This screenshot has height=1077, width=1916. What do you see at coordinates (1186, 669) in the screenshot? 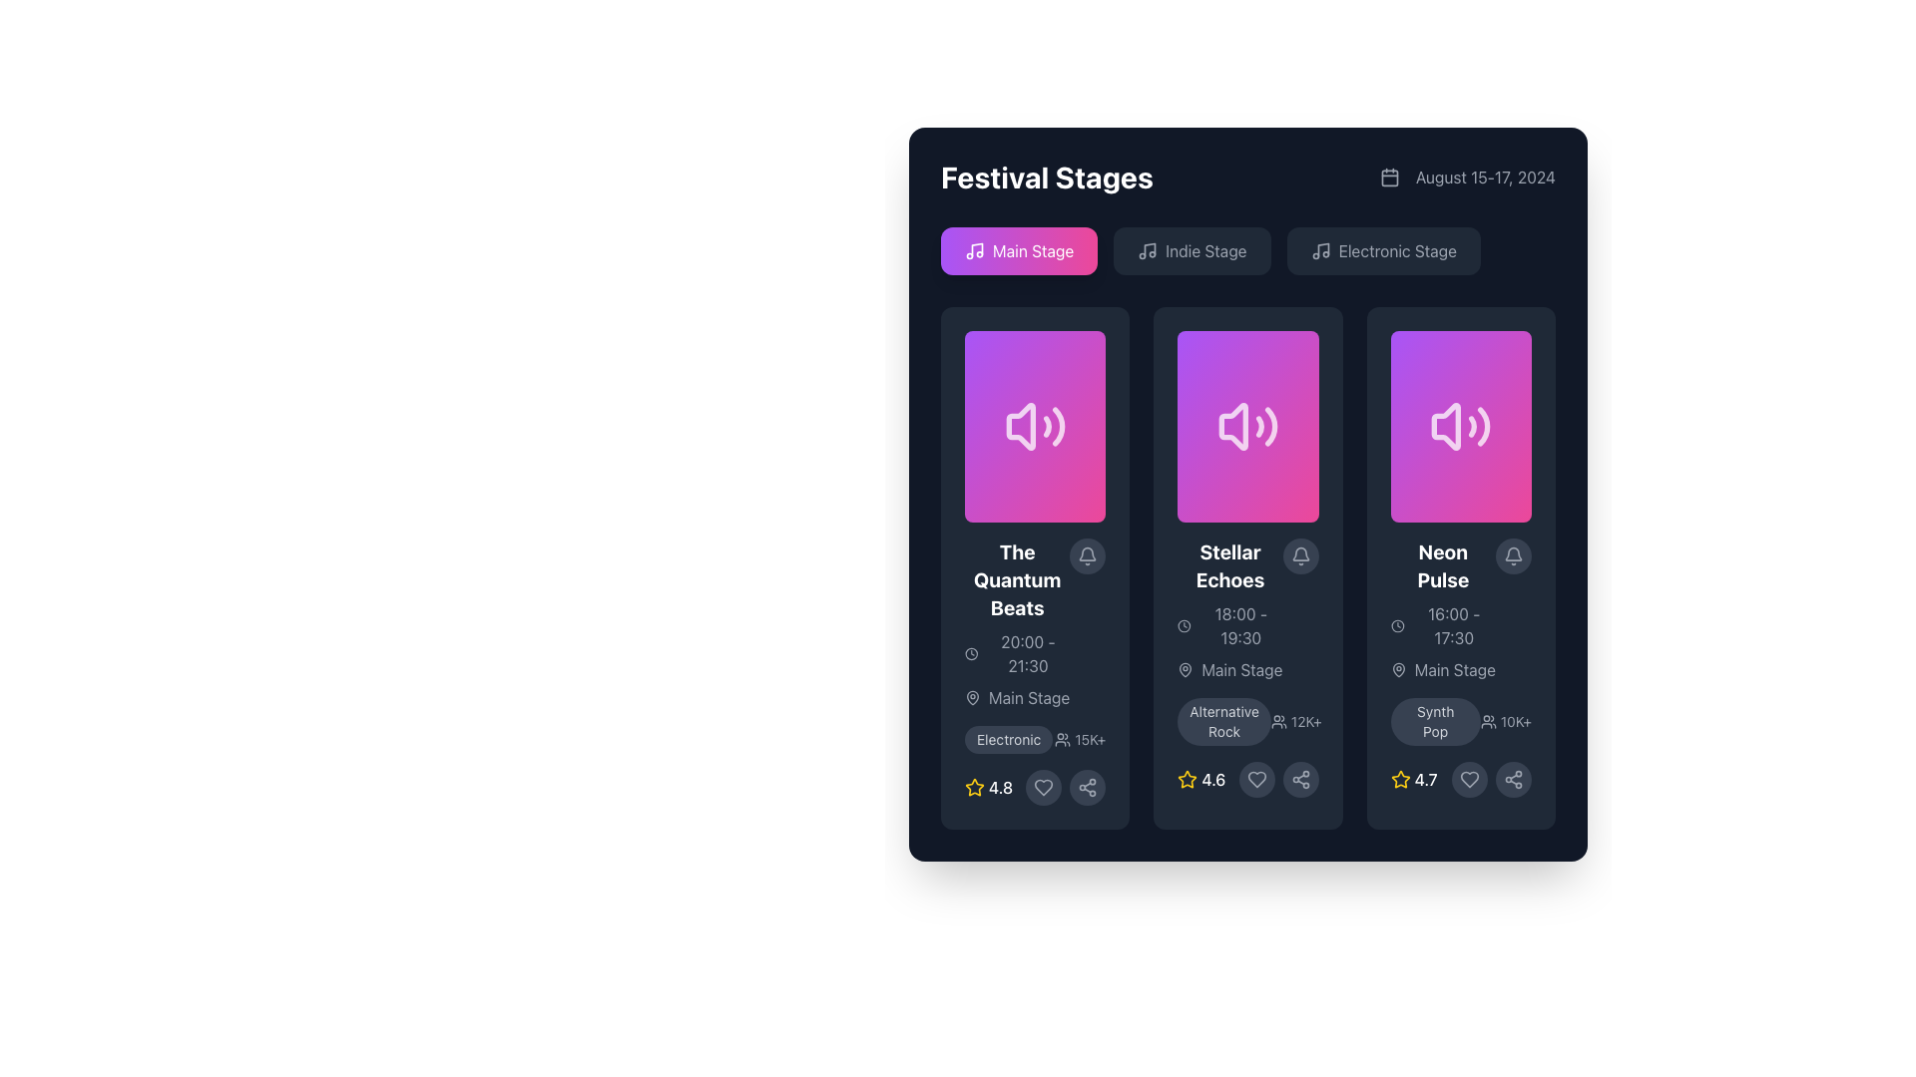
I see `the gray outline map pin icon located to the left of the 'Main Stage' text in the bottom section of the 'Stellar Echoes' event card` at bounding box center [1186, 669].